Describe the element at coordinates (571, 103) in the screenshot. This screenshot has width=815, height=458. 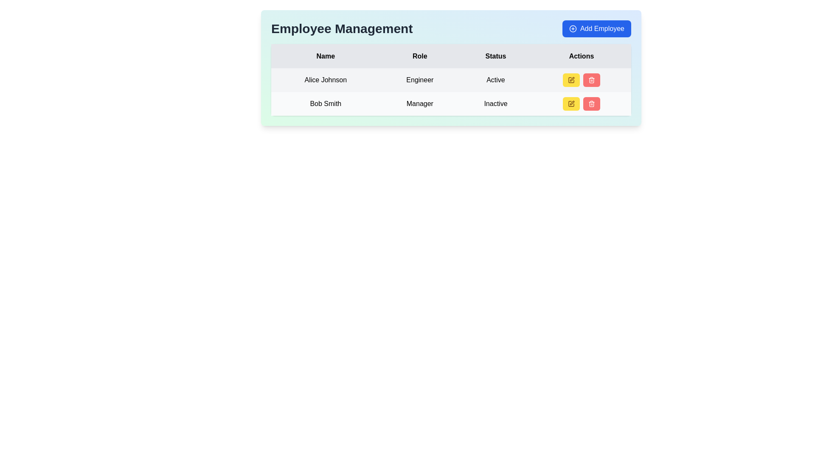
I see `the edit button located in the second row of the 'Actions' column in the 'Employee Management' section` at that location.